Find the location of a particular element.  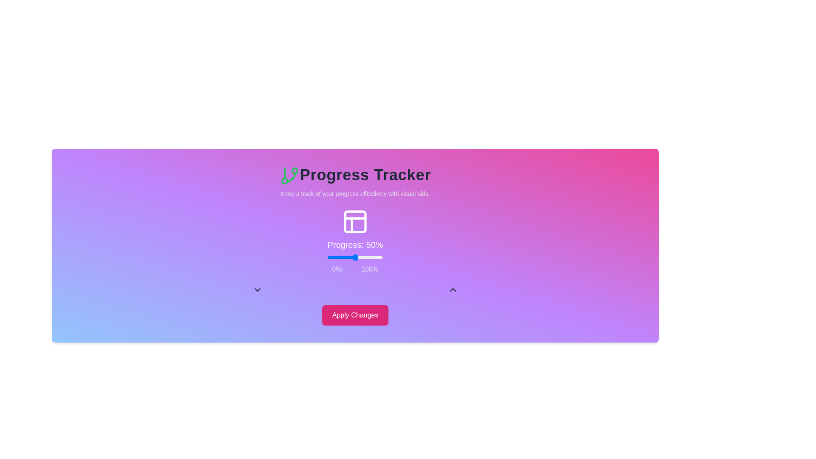

'Apply Changes' button is located at coordinates (355, 315).